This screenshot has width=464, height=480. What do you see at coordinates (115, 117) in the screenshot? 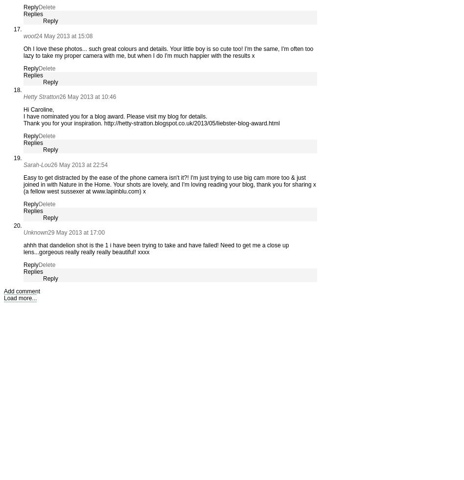
I see `'I have nominated you for a blog award. Please visit my blog for details.'` at bounding box center [115, 117].